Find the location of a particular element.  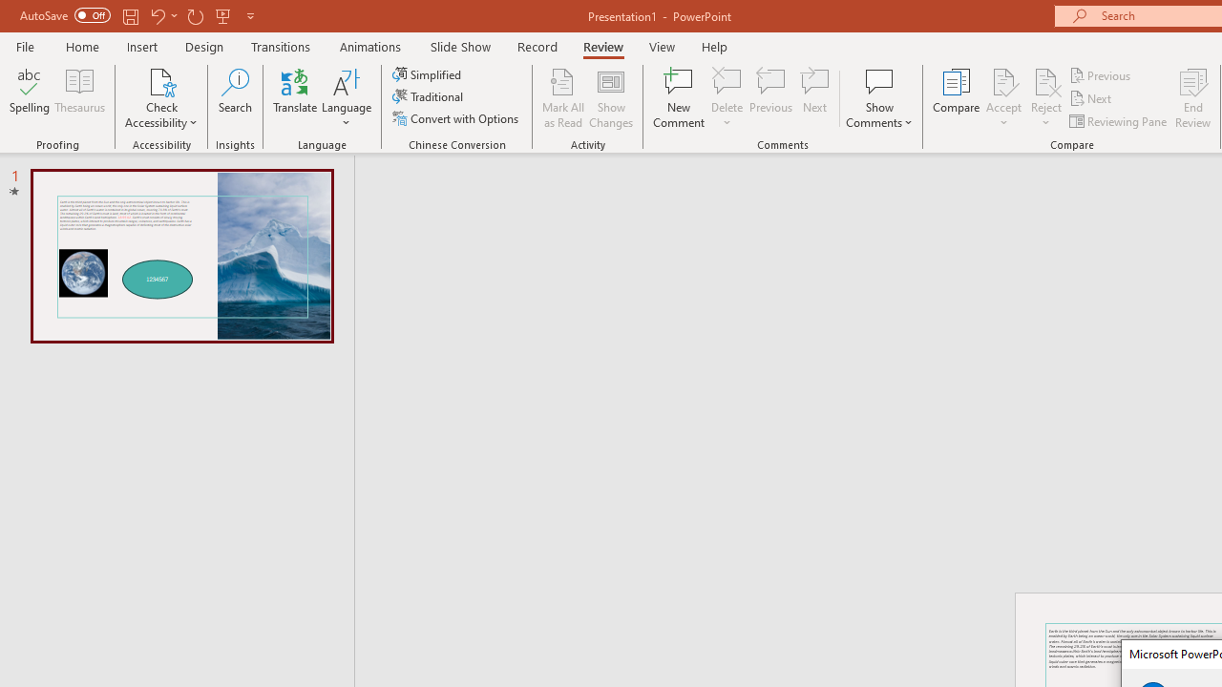

'Thesaurus...' is located at coordinates (78, 98).